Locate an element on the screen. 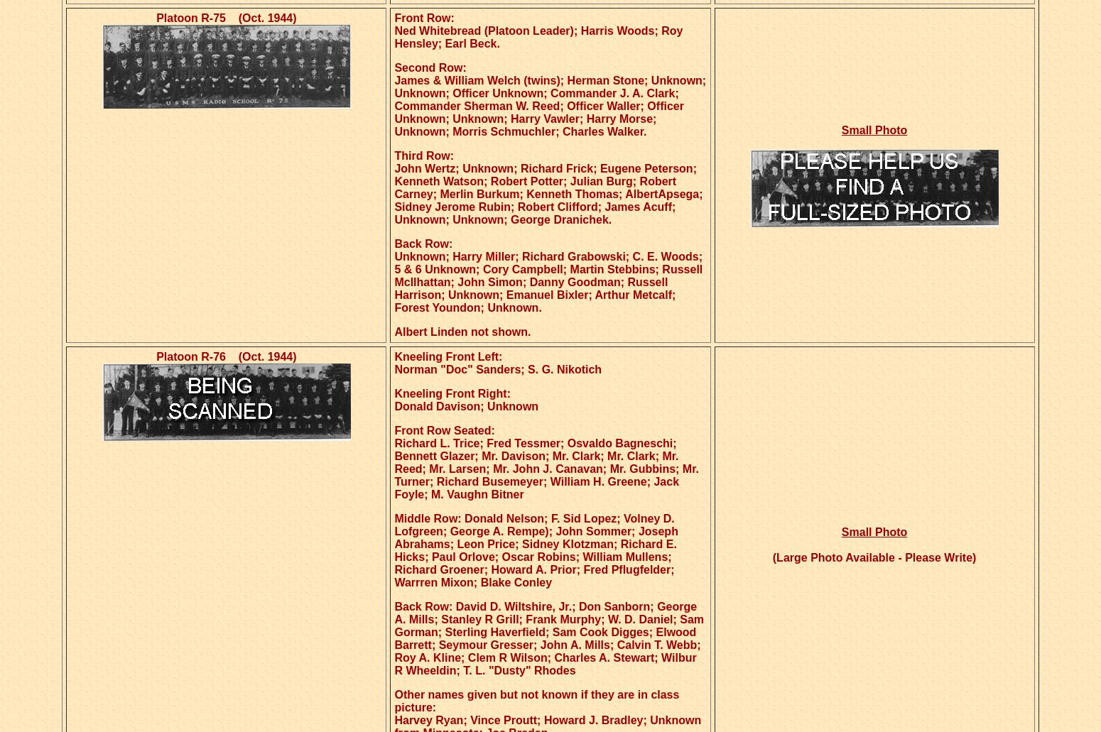  'Platoon R-75    (Oct. 
                
                1944)' is located at coordinates (225, 18).